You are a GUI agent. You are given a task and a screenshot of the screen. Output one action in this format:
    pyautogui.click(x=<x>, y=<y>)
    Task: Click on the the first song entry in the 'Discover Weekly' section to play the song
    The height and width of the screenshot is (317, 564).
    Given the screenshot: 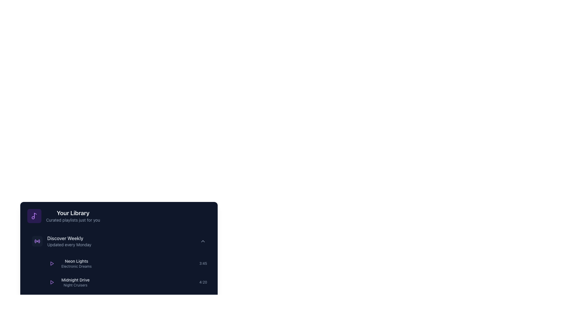 What is the action you would take?
    pyautogui.click(x=127, y=263)
    